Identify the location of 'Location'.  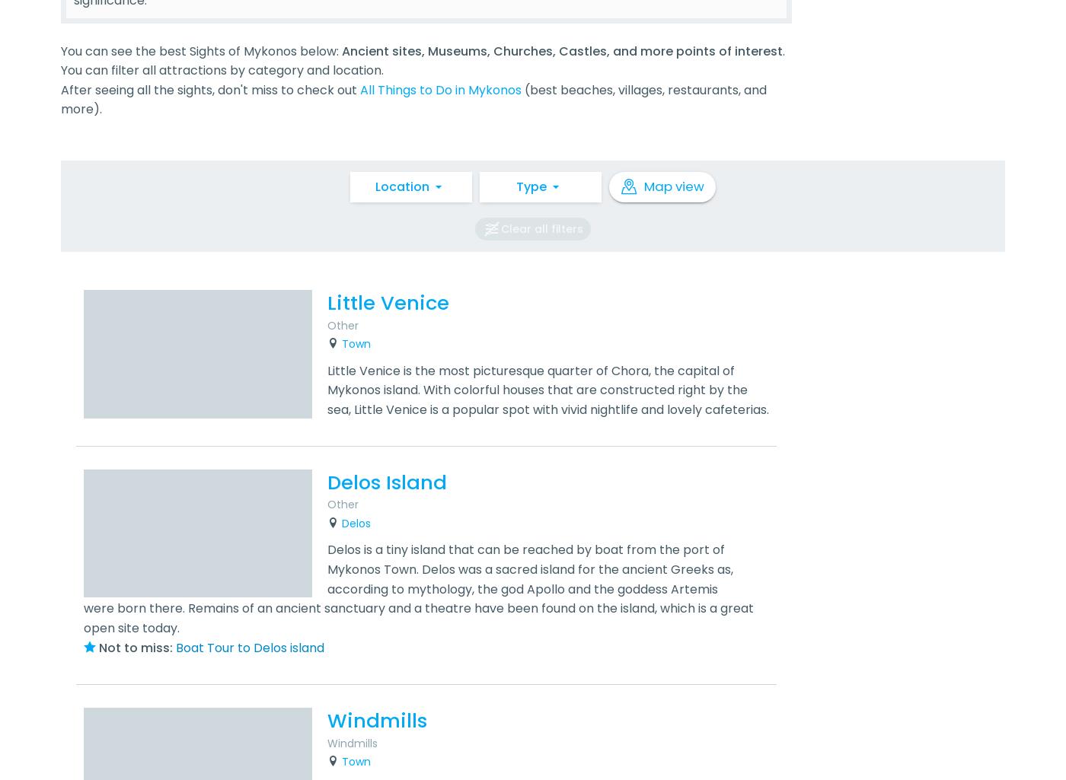
(374, 185).